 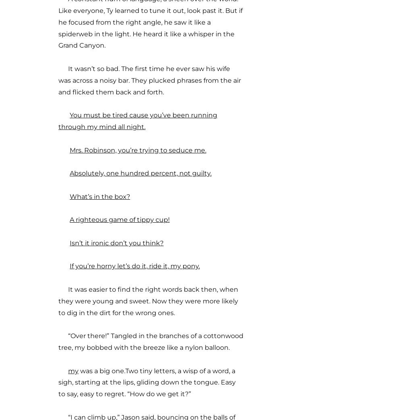 I want to click on 'It was easier to find the right words back then, when they were young and sweet. Now they were more likely to dig in the dirt for the wrong ones.', so click(x=58, y=301).